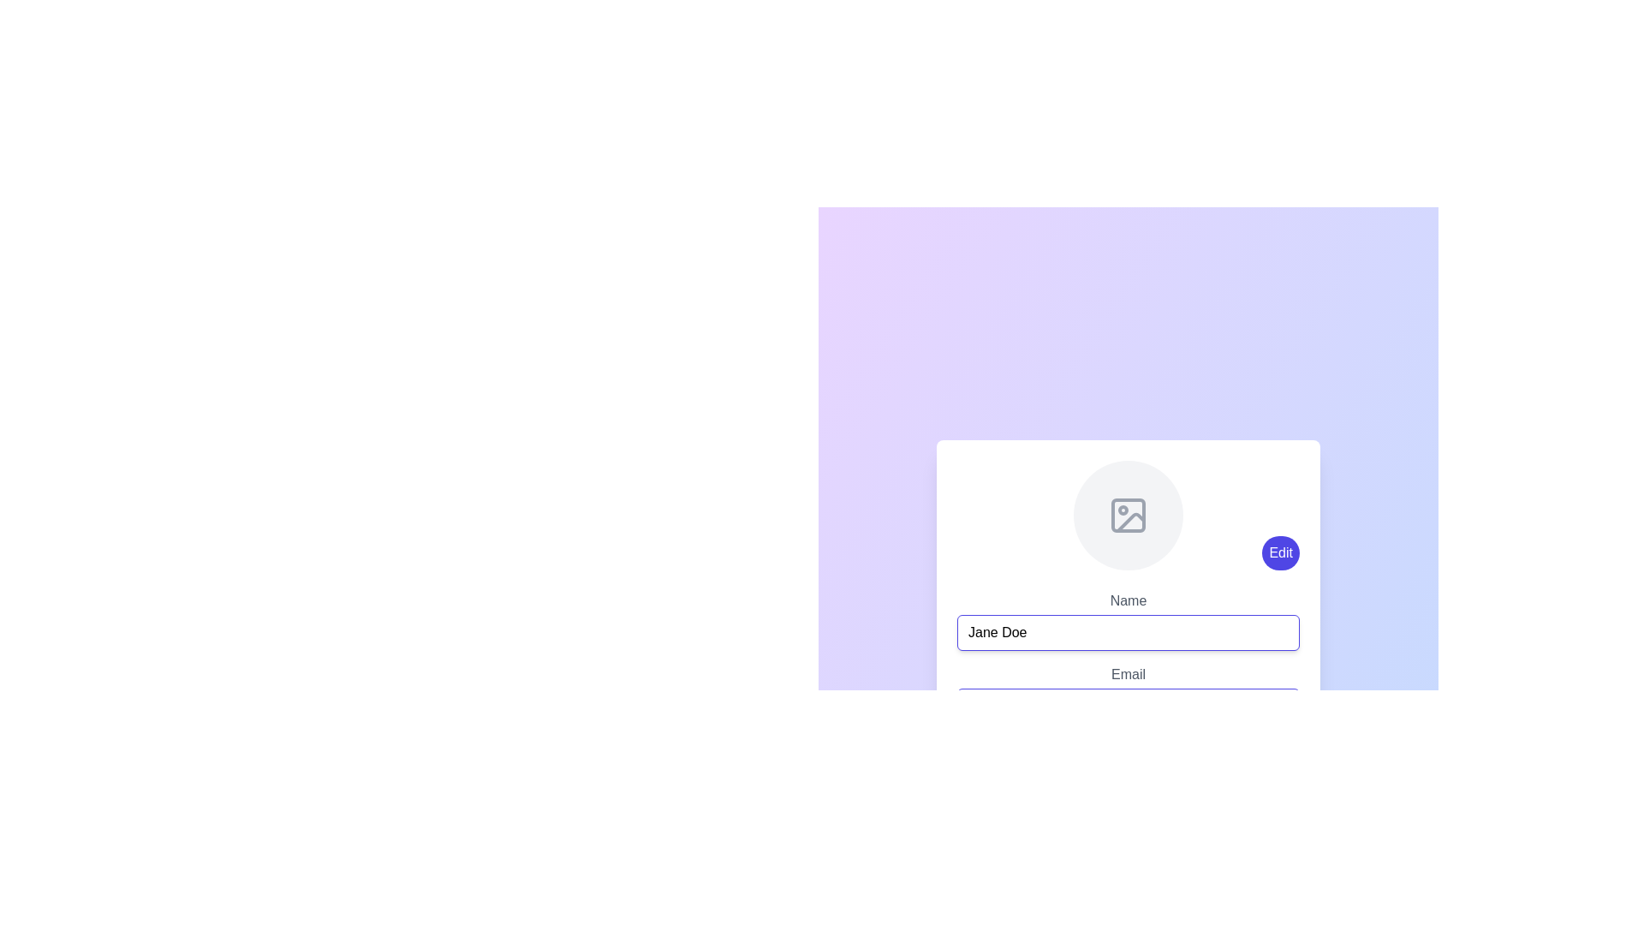  What do you see at coordinates (1129, 514) in the screenshot?
I see `the image upload placeholder and 'Edit' button element located at the top of the user profile editing card` at bounding box center [1129, 514].